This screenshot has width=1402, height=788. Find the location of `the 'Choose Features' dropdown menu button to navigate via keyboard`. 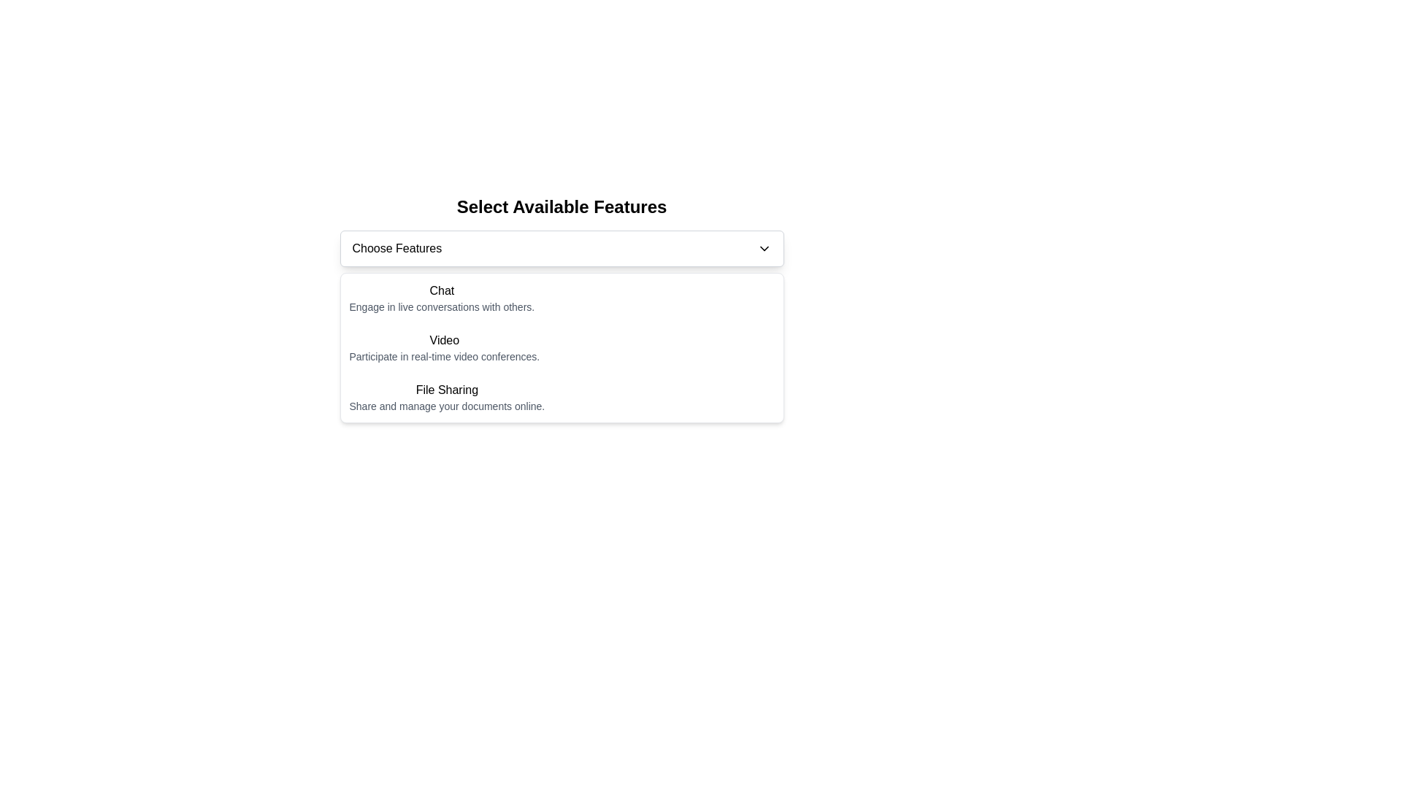

the 'Choose Features' dropdown menu button to navigate via keyboard is located at coordinates (561, 247).